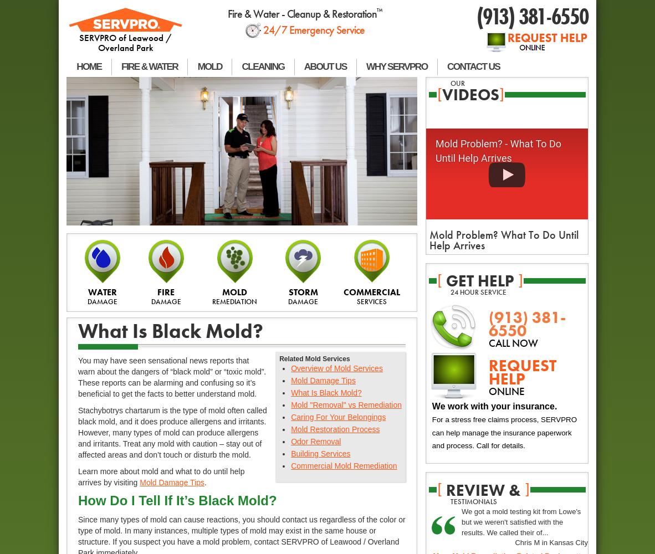  I want to click on 'You may have seen sensational news reports that warn about the dangers of “black mold” or “toxic mold”. These reports can be alarming and confusing so it’s beneficial to get the facts to better understand mold.', so click(78, 377).